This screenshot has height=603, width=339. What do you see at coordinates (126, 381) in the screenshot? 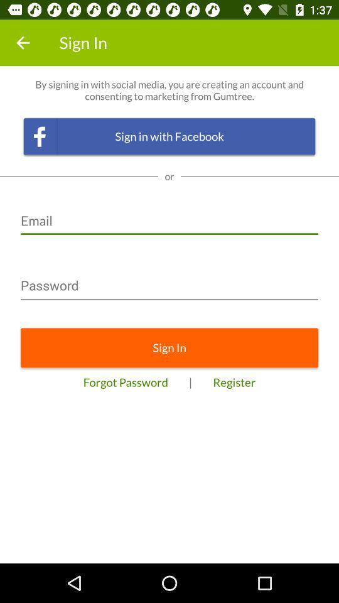
I see `icon to the left of the |` at bounding box center [126, 381].